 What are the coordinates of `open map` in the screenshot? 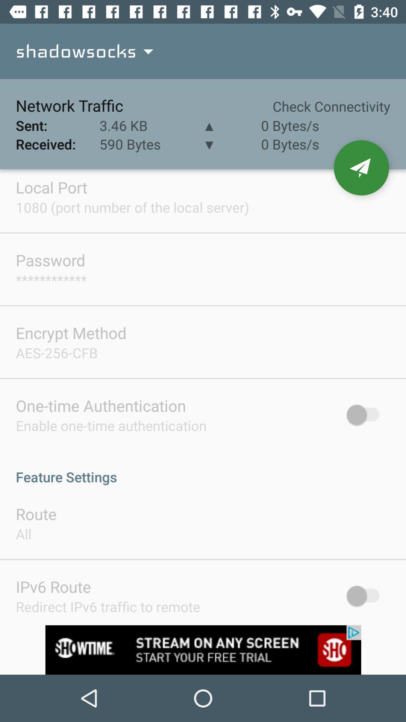 It's located at (361, 167).